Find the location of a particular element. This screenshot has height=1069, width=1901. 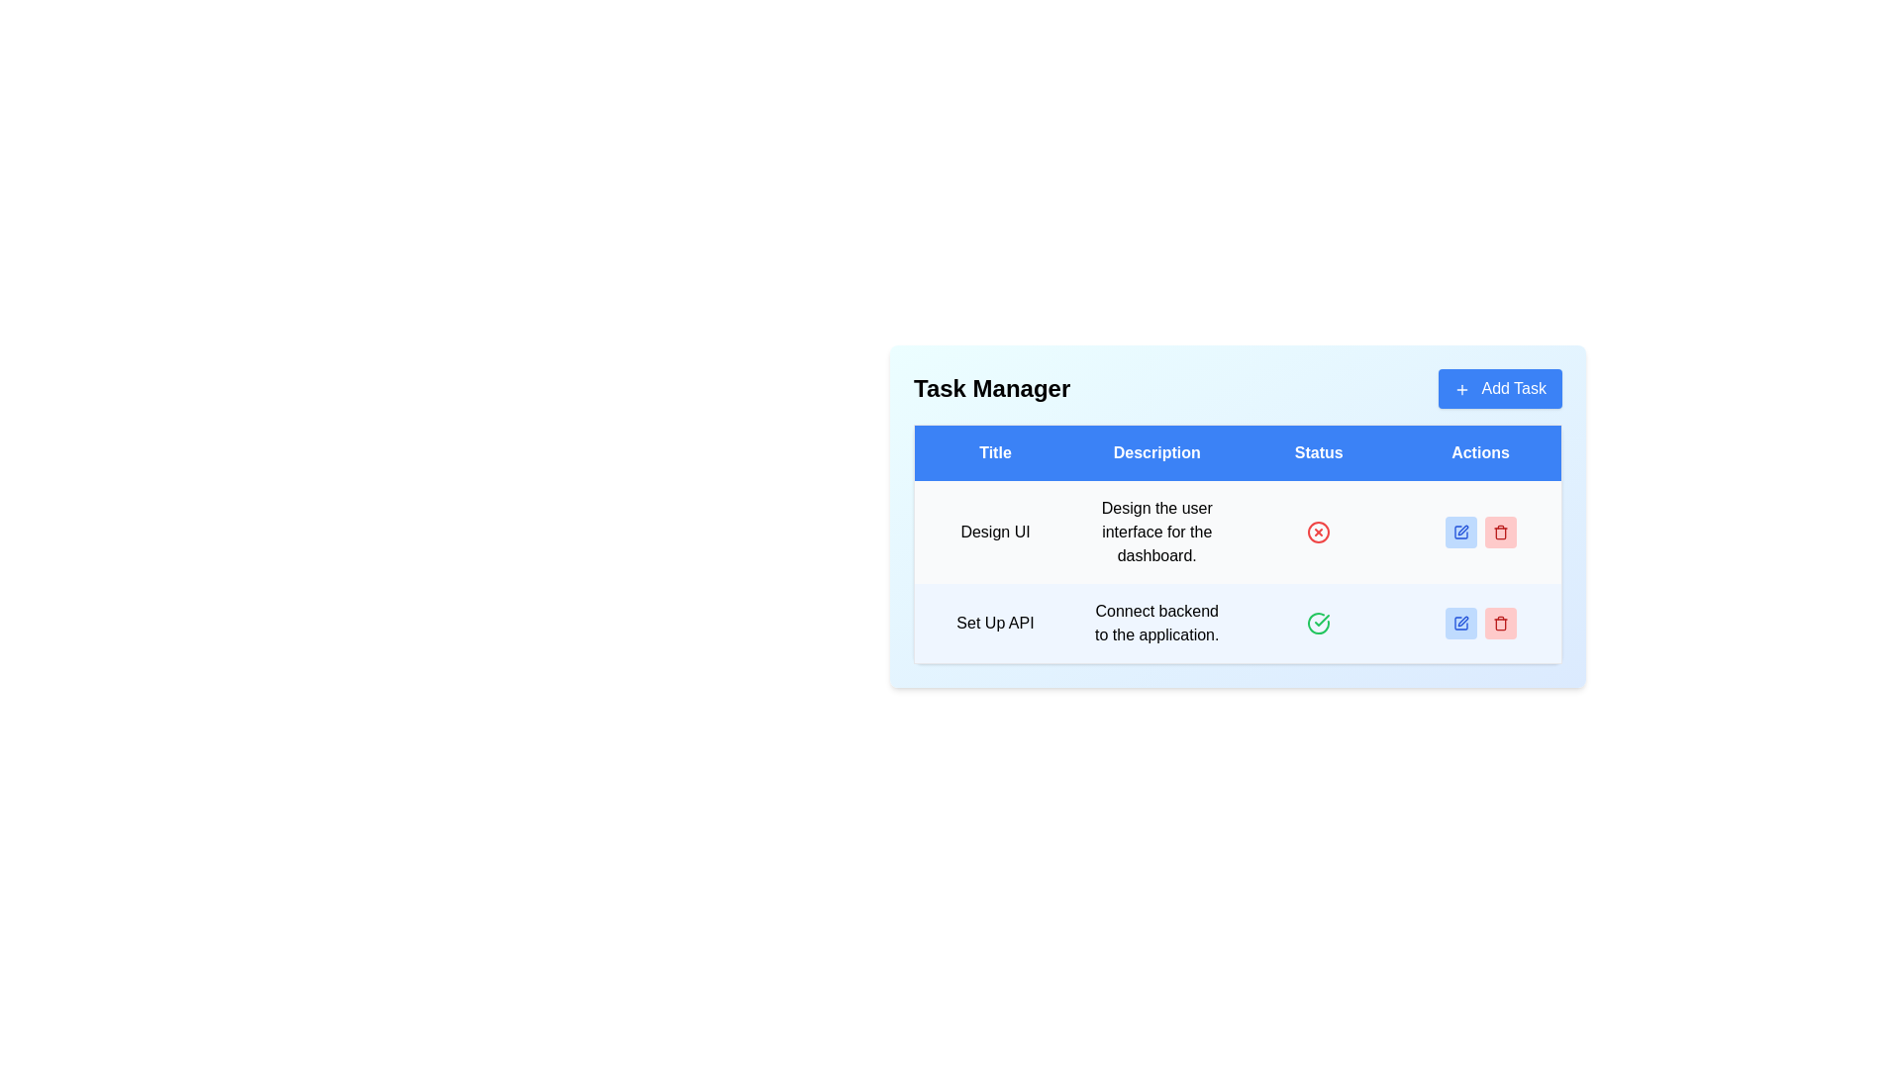

the delete button located in the 'Actions' column of the top row in the tasks table is located at coordinates (1500, 531).